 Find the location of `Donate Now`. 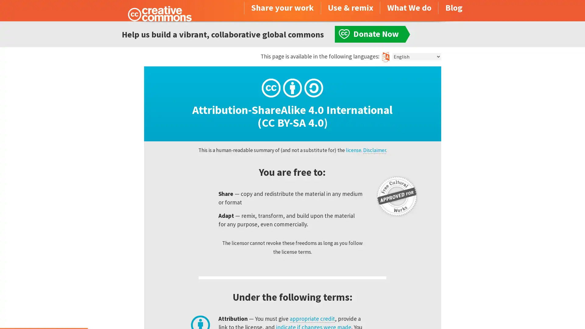

Donate Now is located at coordinates (44, 313).